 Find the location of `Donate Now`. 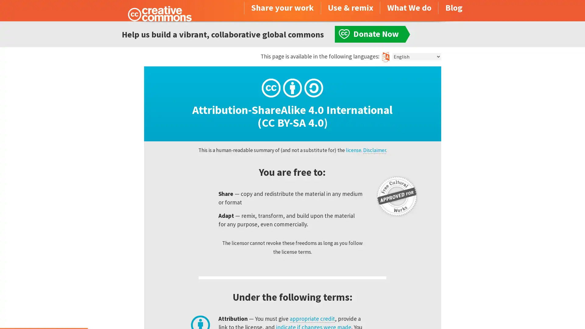

Donate Now is located at coordinates (44, 313).